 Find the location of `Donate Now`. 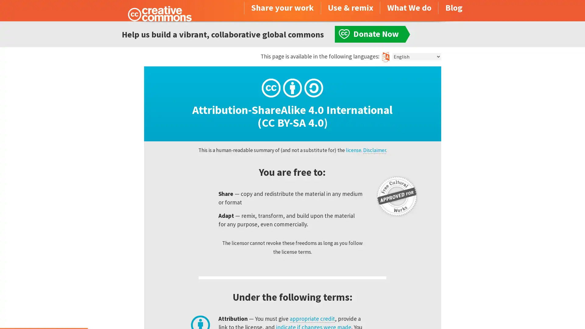

Donate Now is located at coordinates (44, 313).